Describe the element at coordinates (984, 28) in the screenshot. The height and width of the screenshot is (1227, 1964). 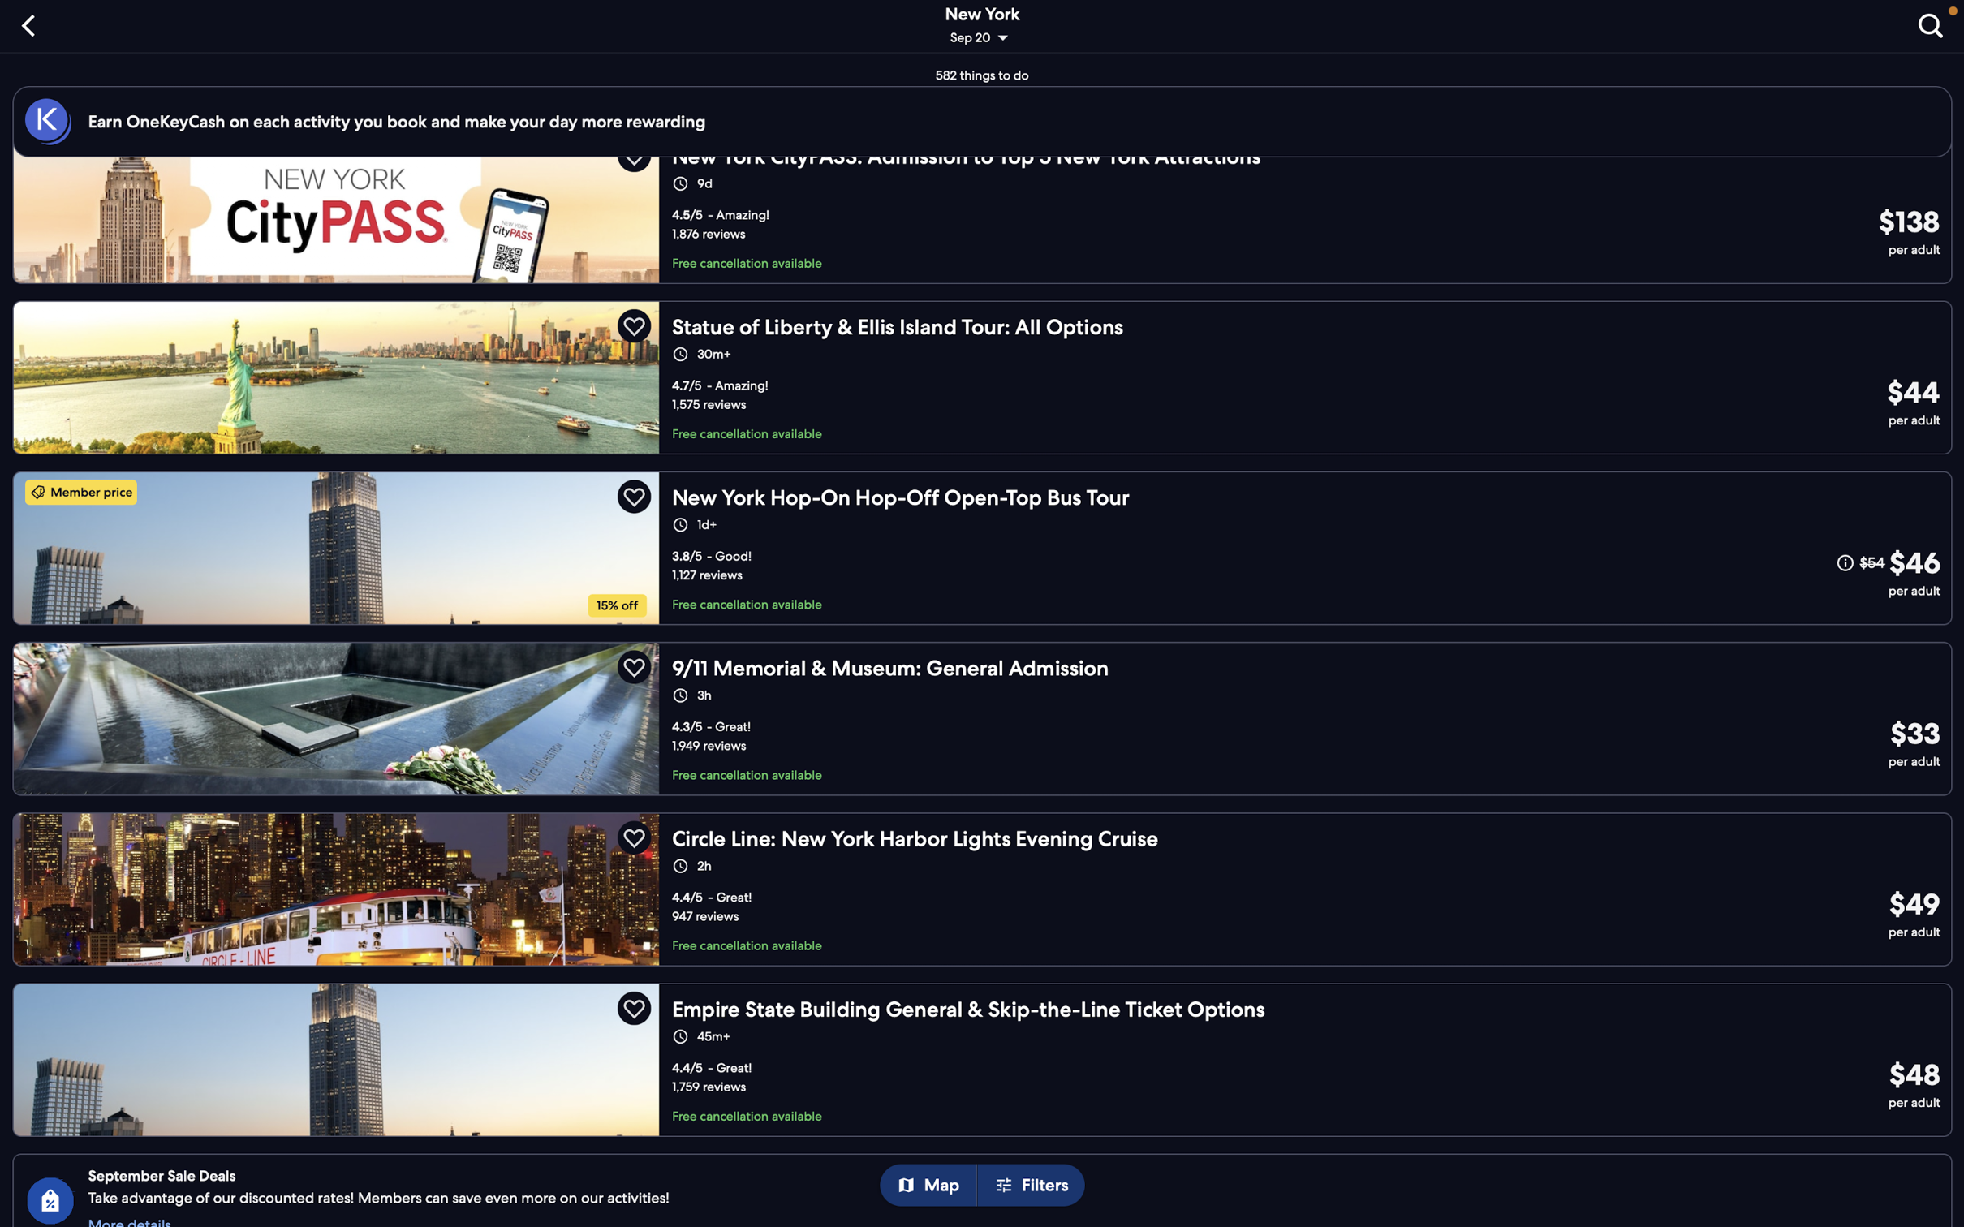
I see `the "change date or location" option to update the plan for your tour` at that location.